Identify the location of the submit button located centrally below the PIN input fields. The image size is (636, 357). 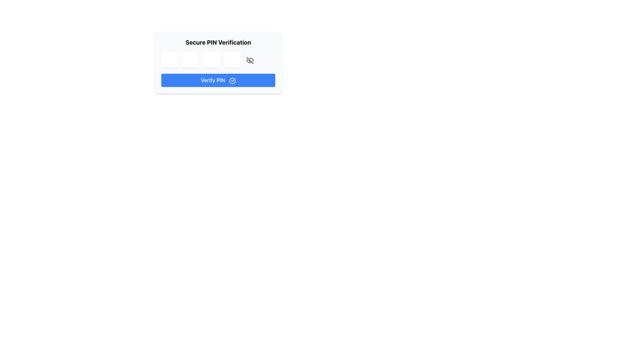
(218, 80).